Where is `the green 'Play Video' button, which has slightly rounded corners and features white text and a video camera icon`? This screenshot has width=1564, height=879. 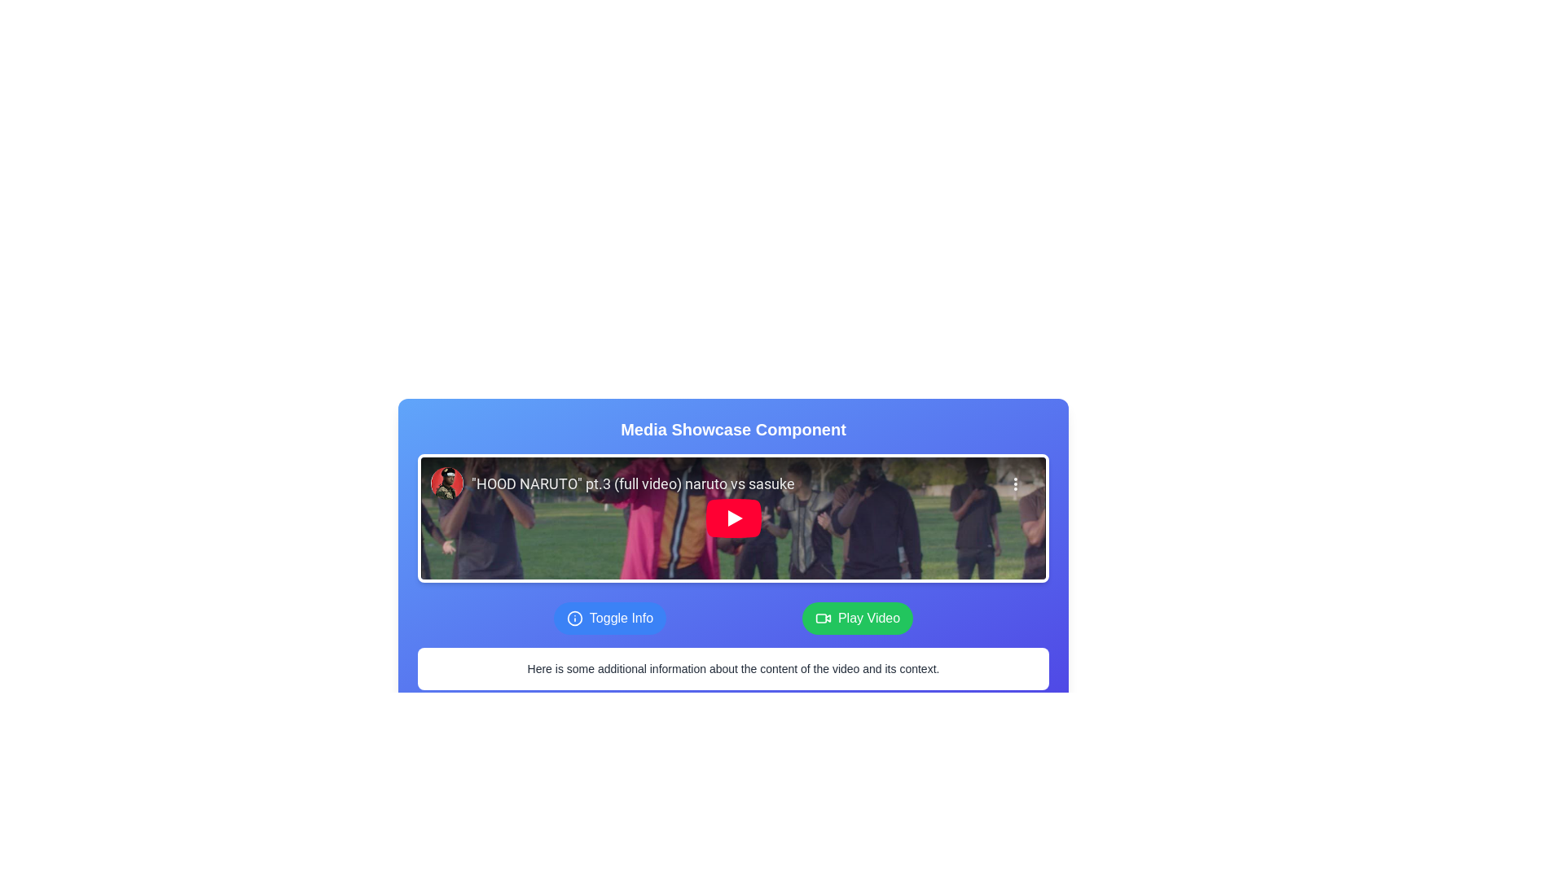 the green 'Play Video' button, which has slightly rounded corners and features white text and a video camera icon is located at coordinates (857, 618).